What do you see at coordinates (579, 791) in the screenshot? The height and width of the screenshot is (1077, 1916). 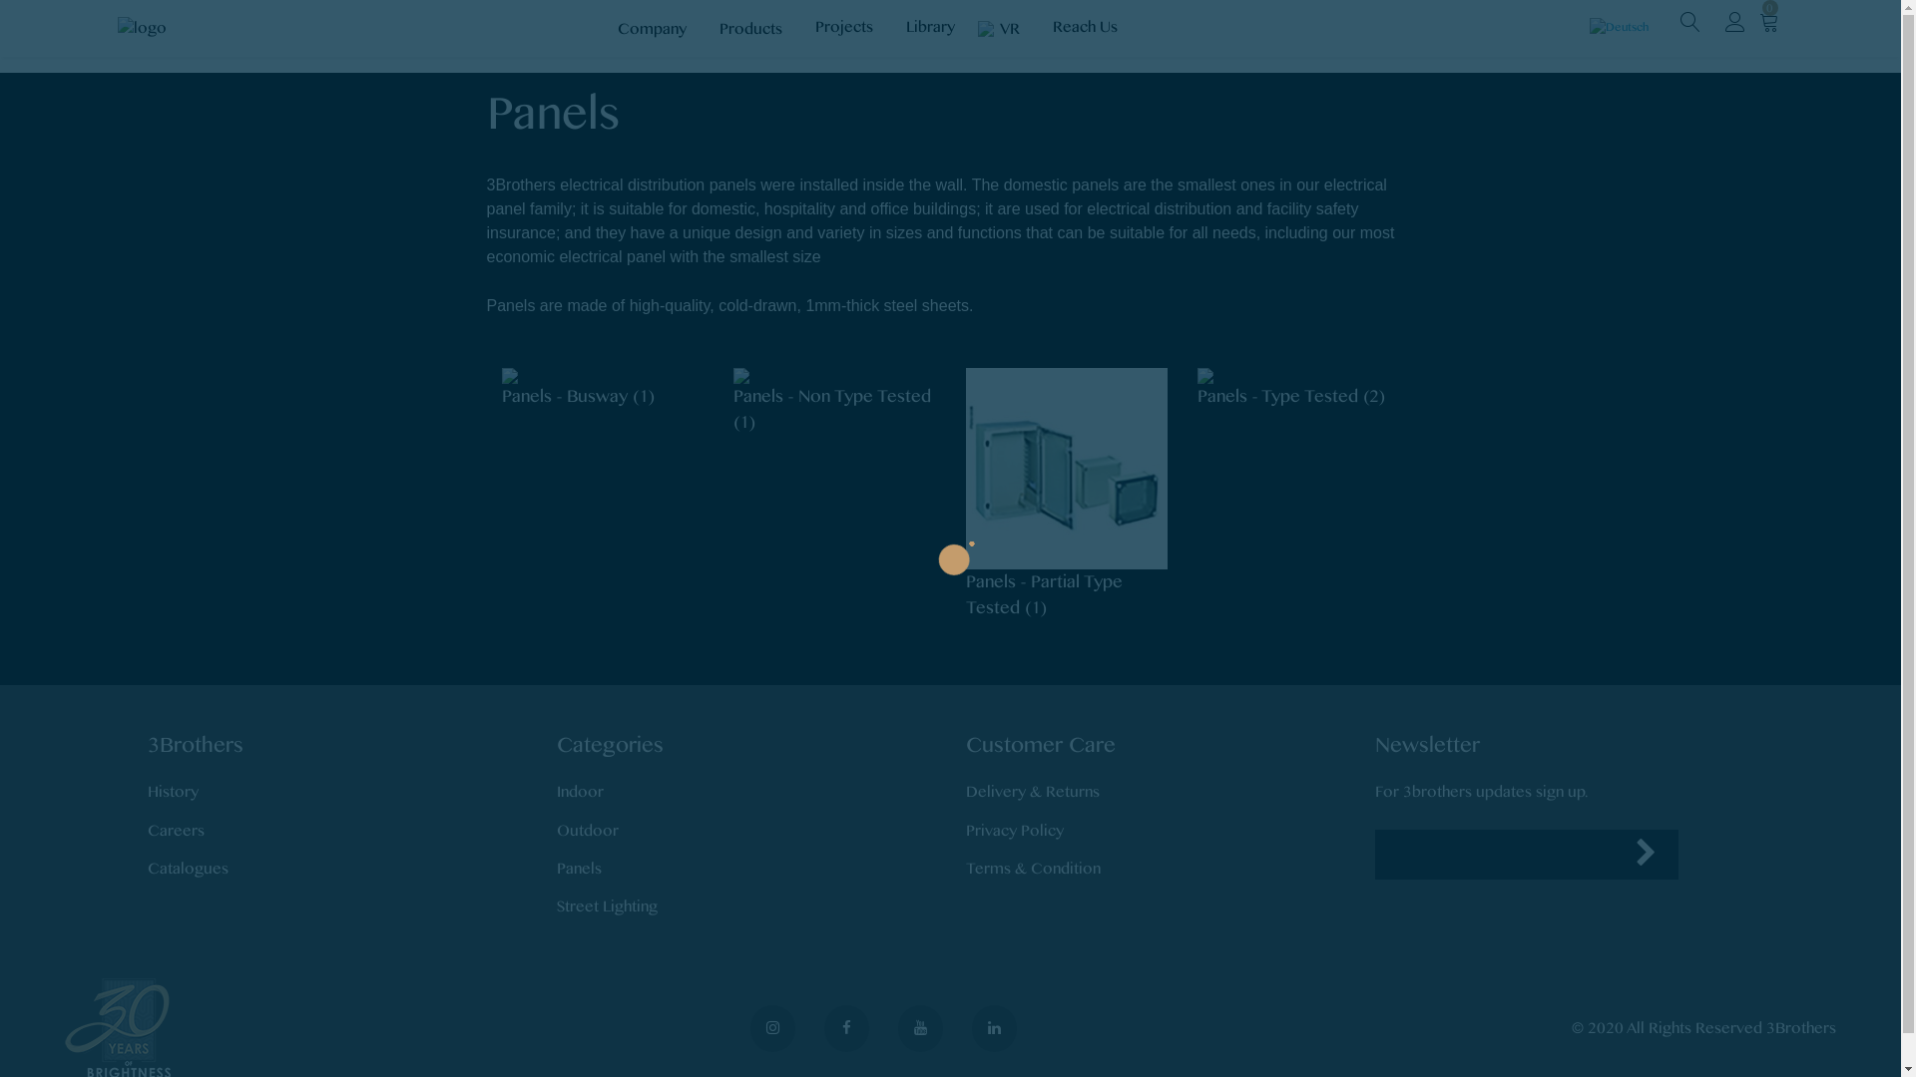 I see `'Indoor'` at bounding box center [579, 791].